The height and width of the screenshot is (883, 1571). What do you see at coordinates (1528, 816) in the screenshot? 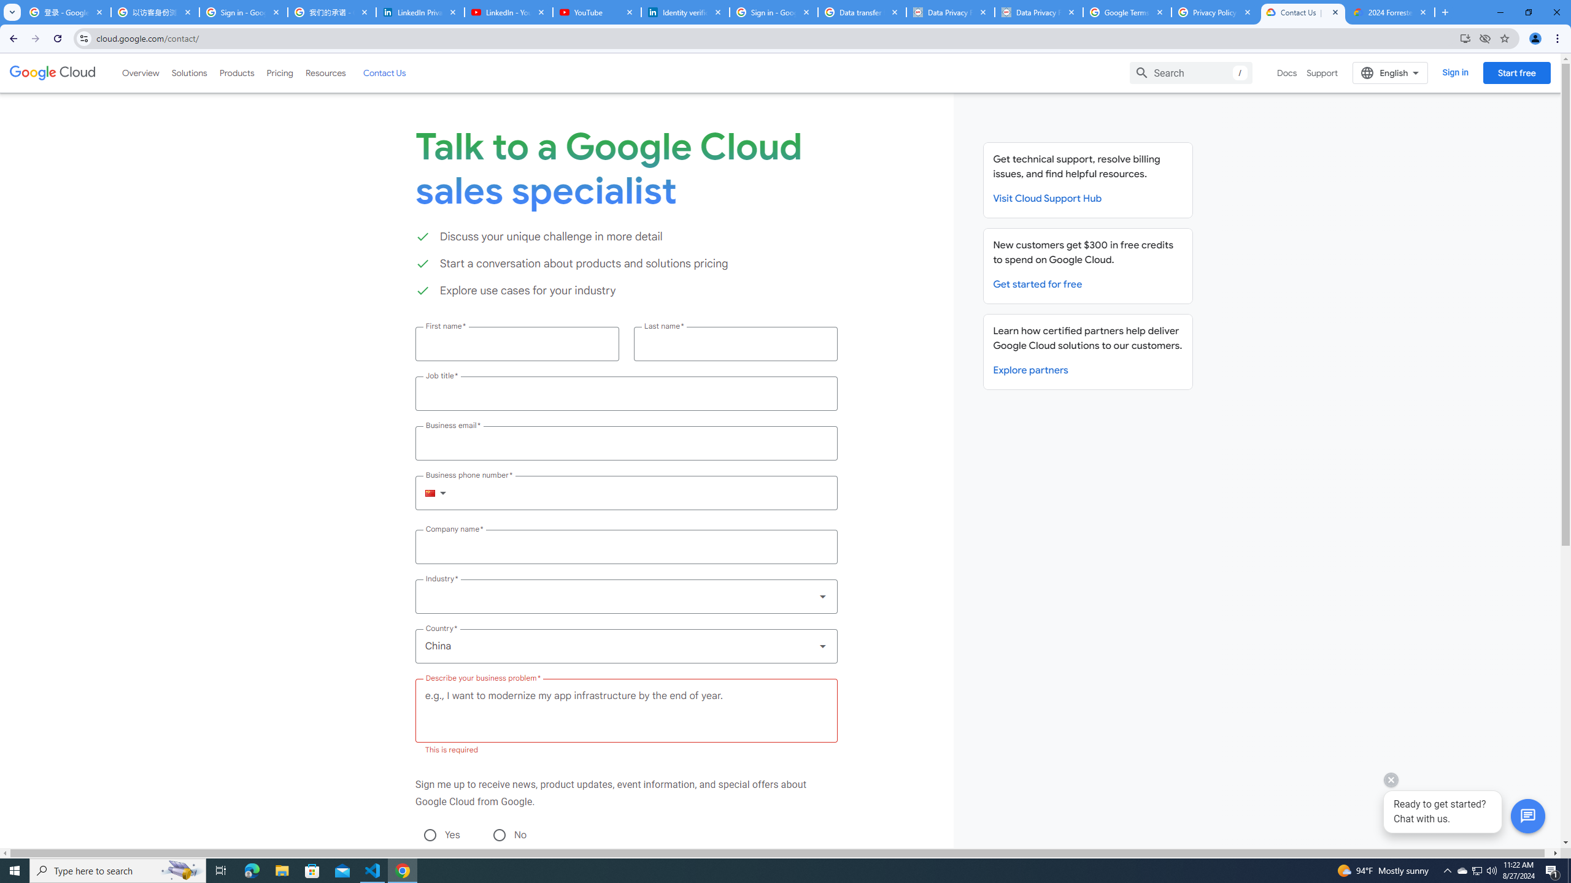
I see `'Button to activate chat'` at bounding box center [1528, 816].